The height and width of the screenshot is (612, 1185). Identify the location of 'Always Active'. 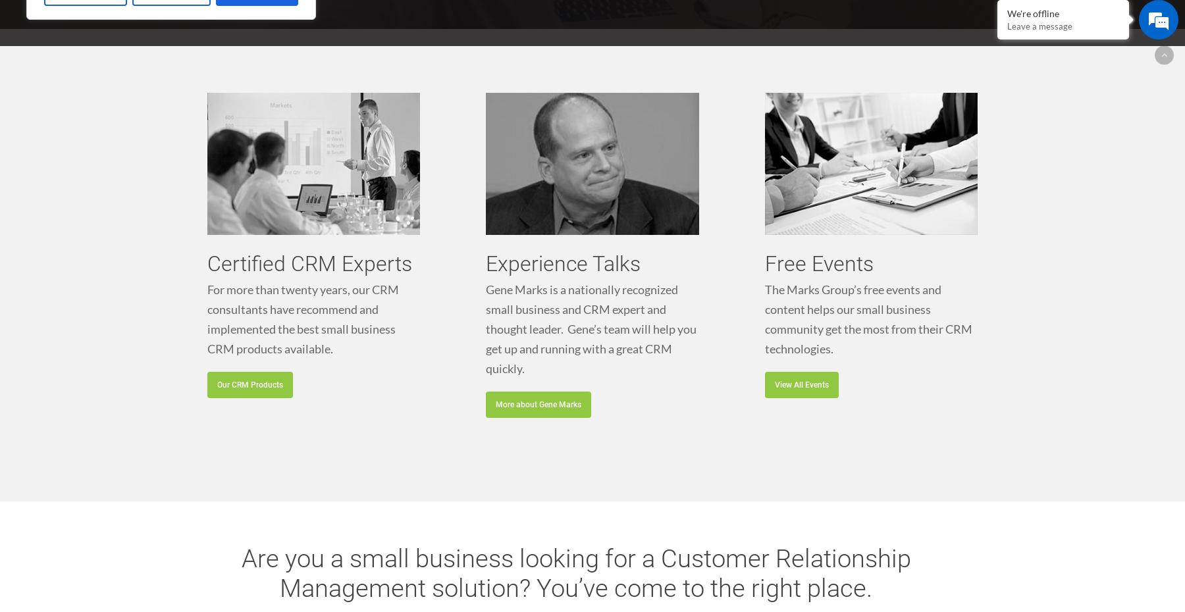
(233, 413).